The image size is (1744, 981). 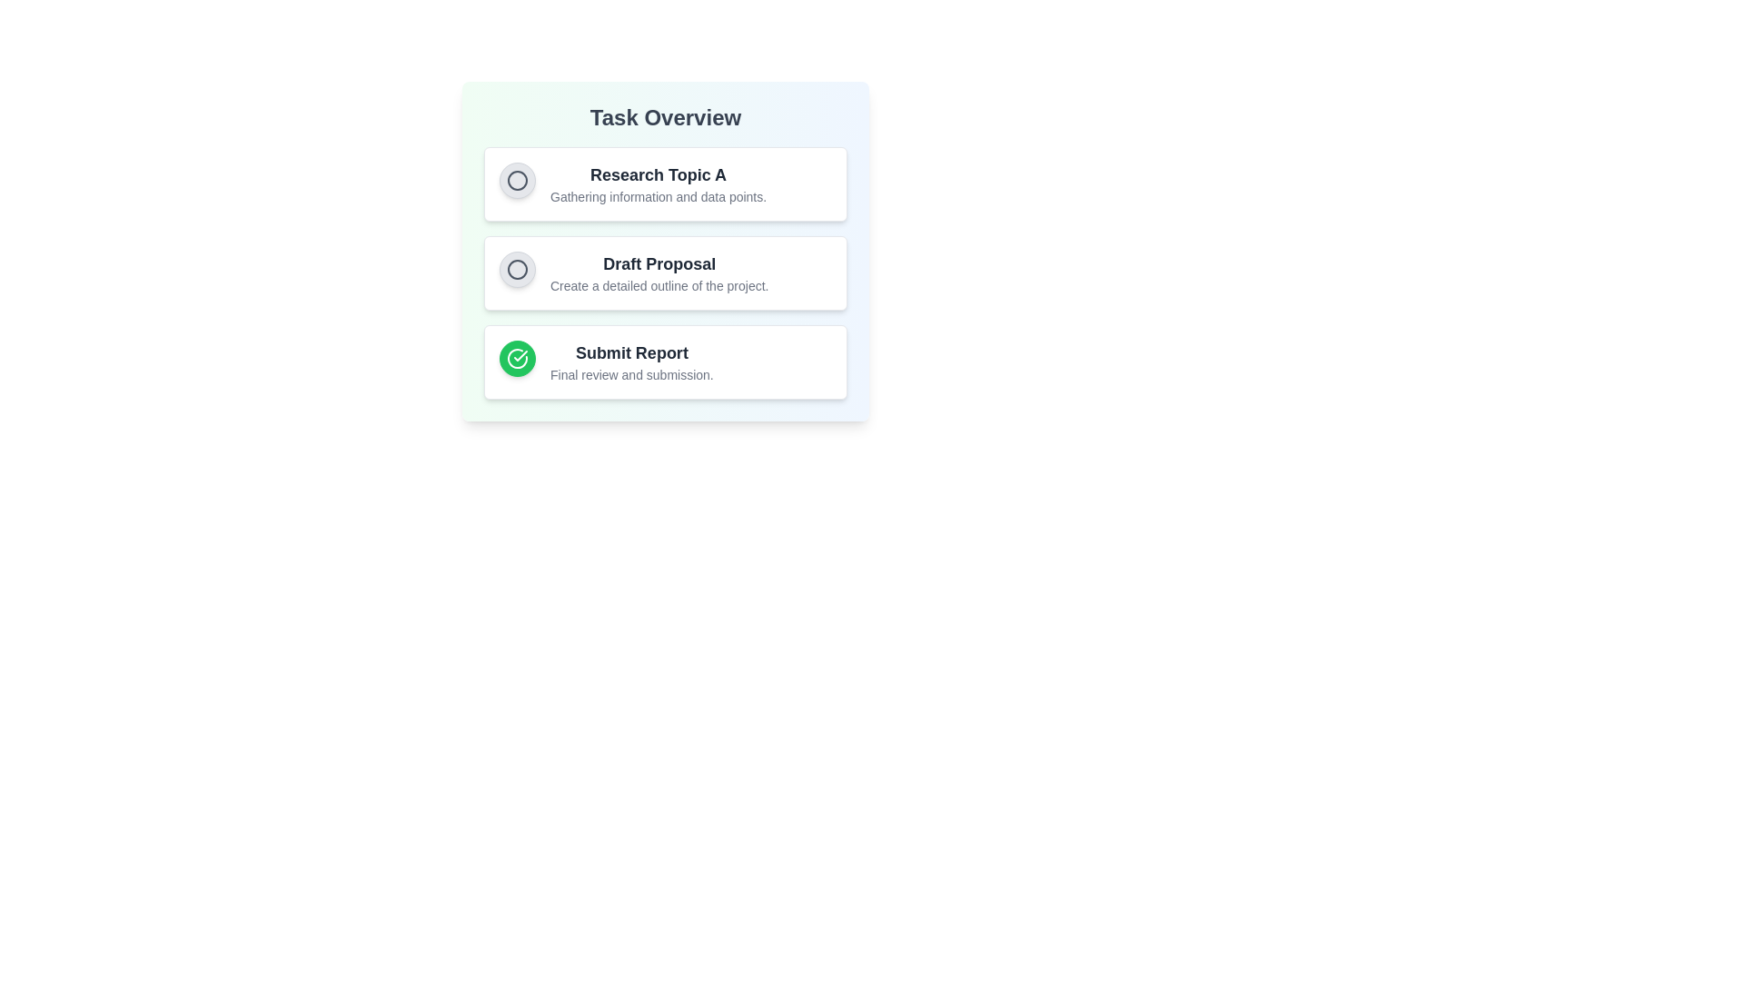 What do you see at coordinates (631, 373) in the screenshot?
I see `the text segment reading 'Final review and submission.' located below the title 'Submit Report'` at bounding box center [631, 373].